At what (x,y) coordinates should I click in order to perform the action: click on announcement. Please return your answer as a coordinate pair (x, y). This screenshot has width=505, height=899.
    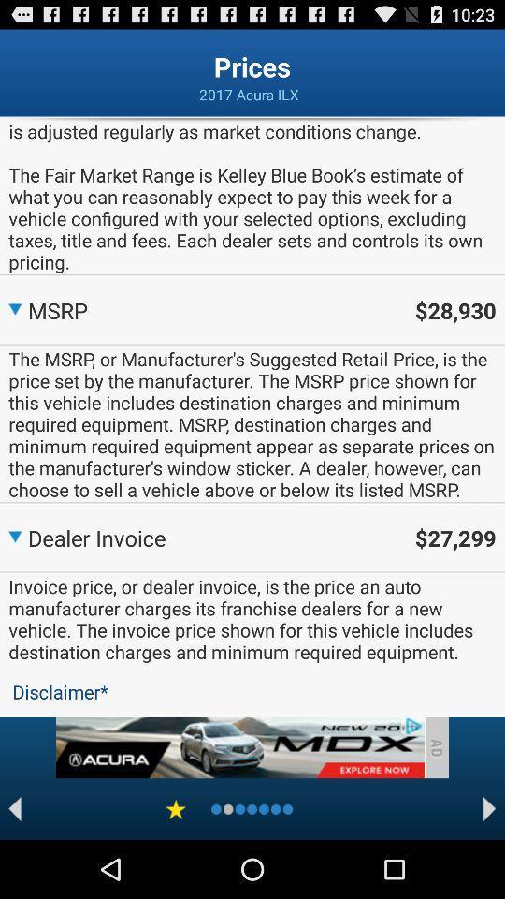
    Looking at the image, I should click on (239, 747).